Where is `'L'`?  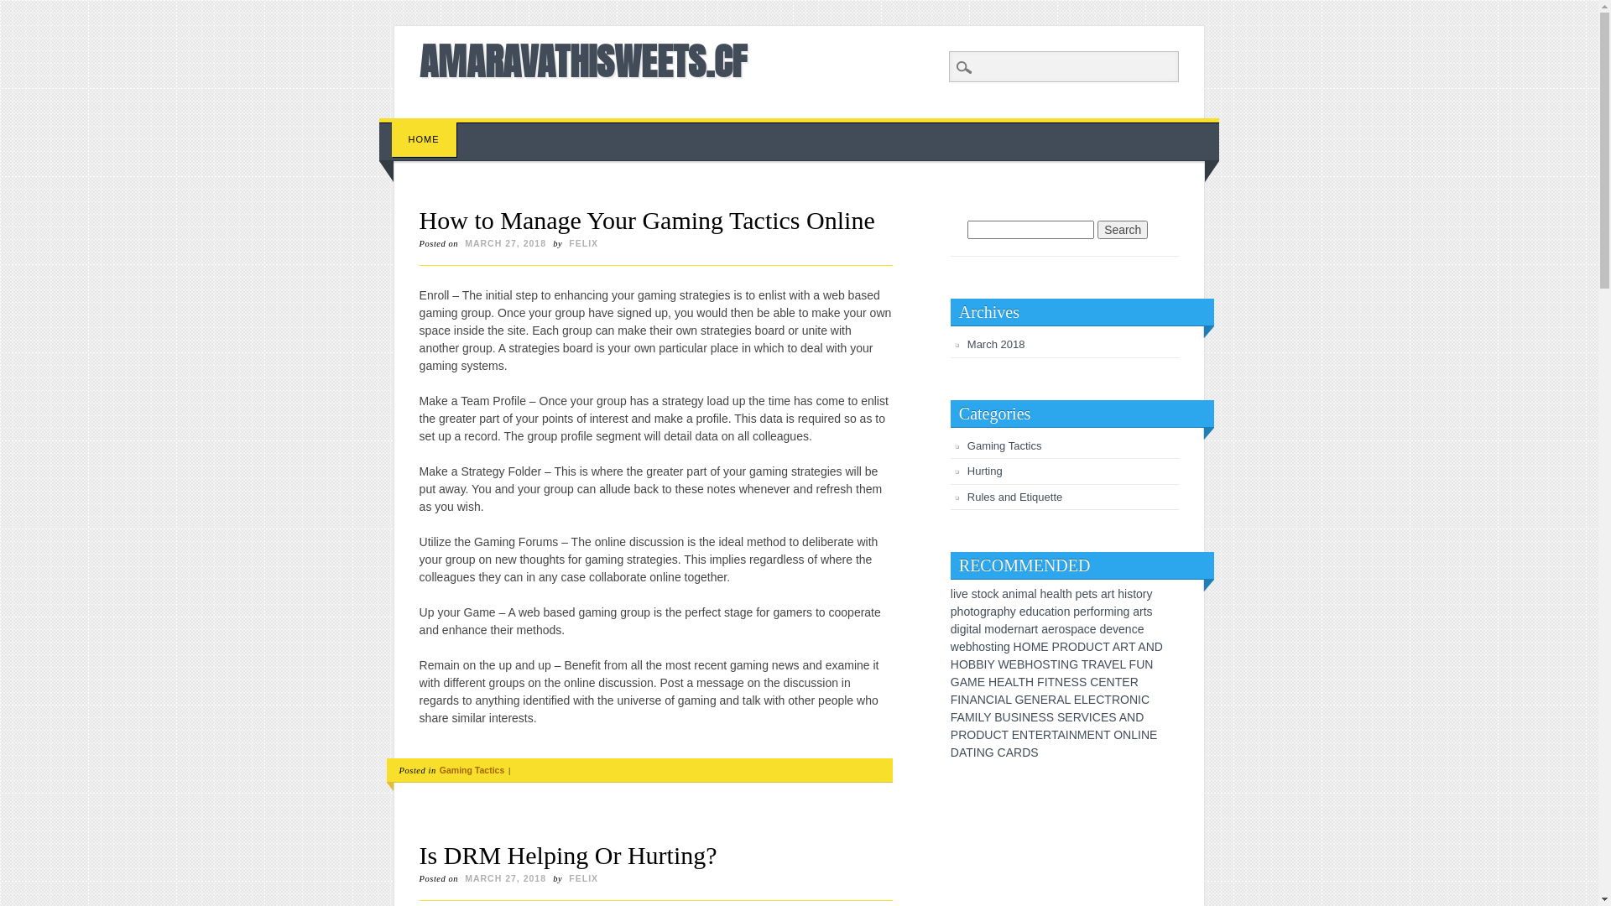
'L' is located at coordinates (1014, 682).